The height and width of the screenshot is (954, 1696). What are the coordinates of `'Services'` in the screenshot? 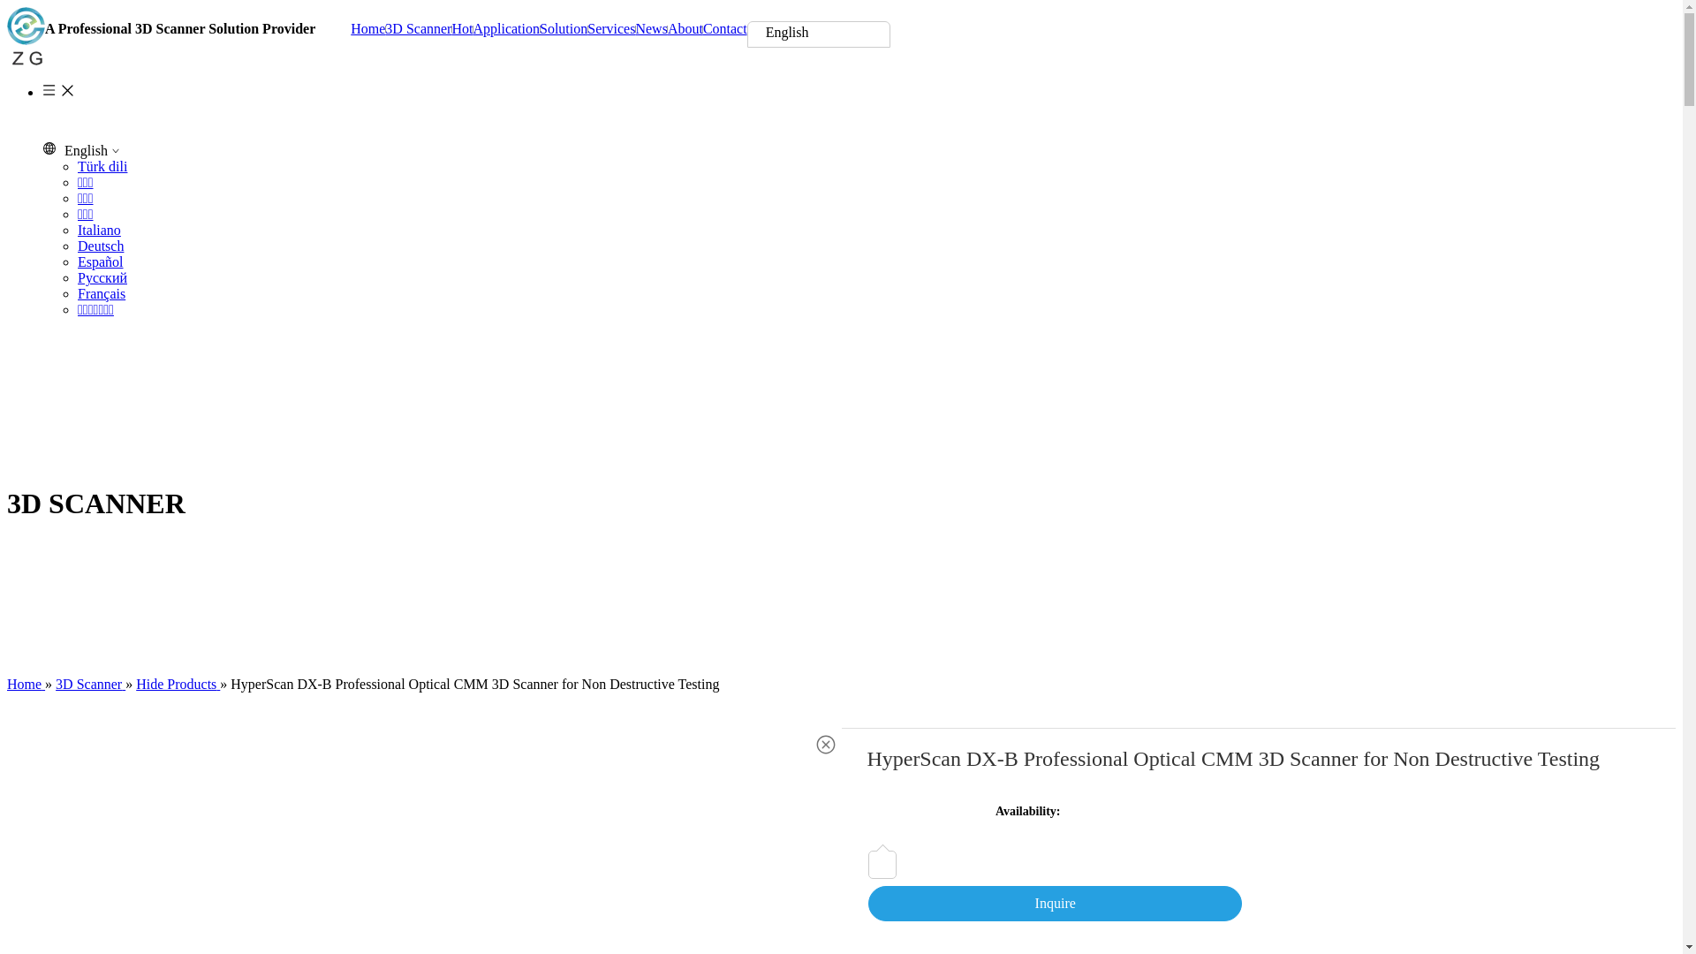 It's located at (610, 29).